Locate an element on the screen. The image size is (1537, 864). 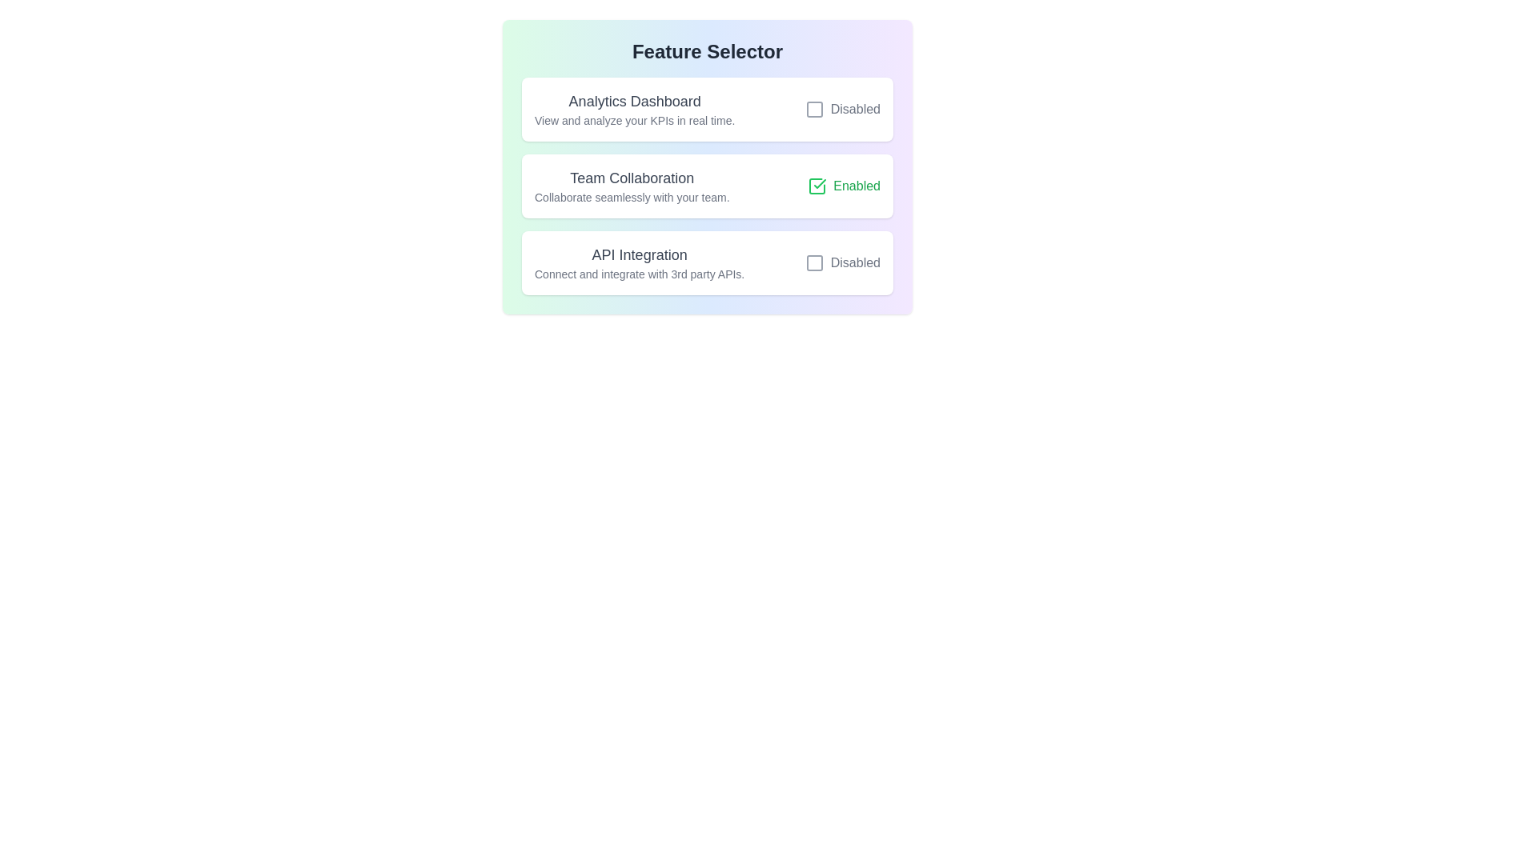
the feature API Integration by clicking its corresponding button is located at coordinates (841, 262).